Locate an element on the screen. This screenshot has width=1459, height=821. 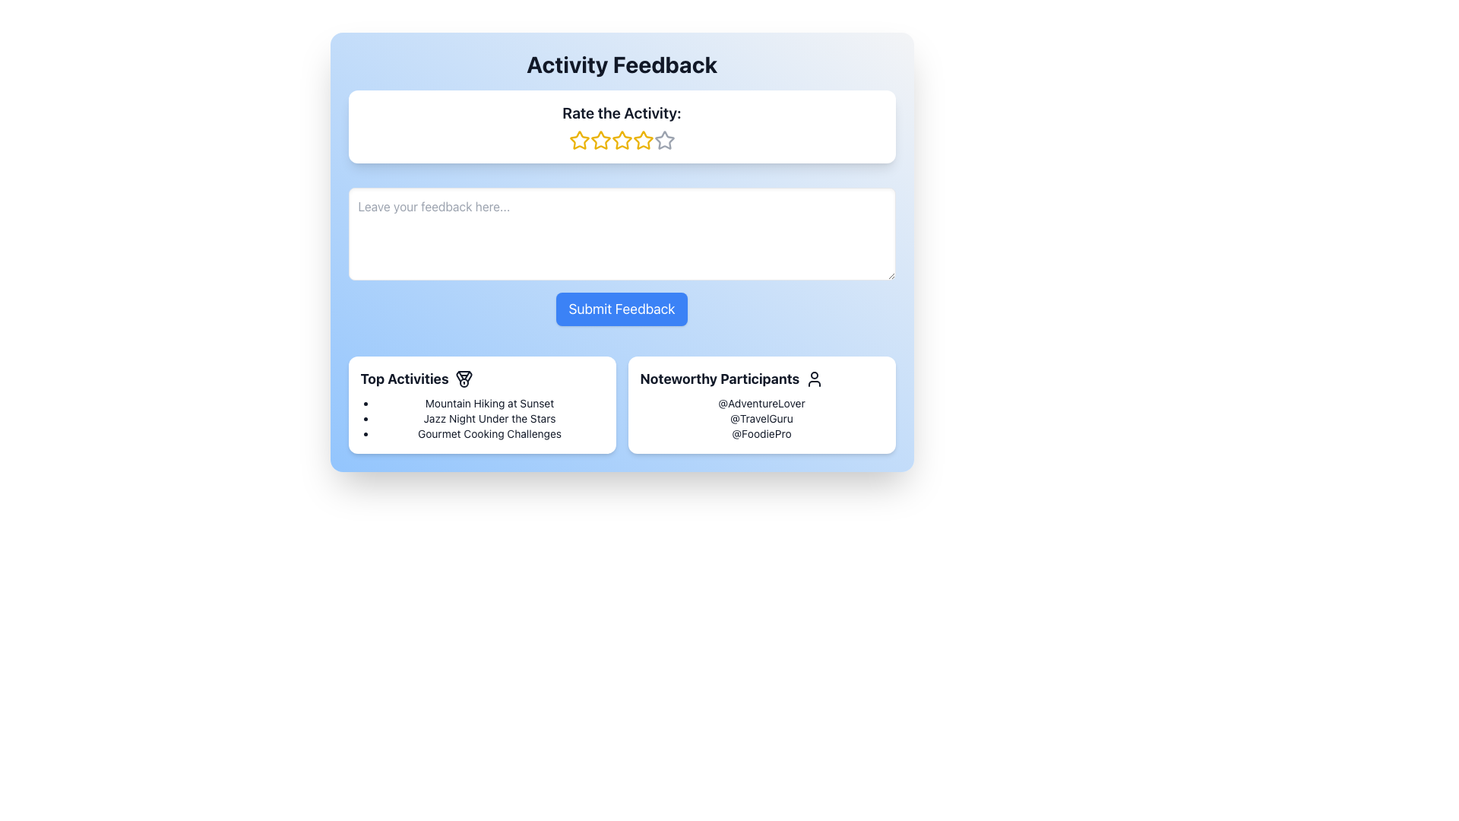
the center of the yellow star icon, which is the second star in the rating component under 'Rate the Activity:' is located at coordinates (600, 140).